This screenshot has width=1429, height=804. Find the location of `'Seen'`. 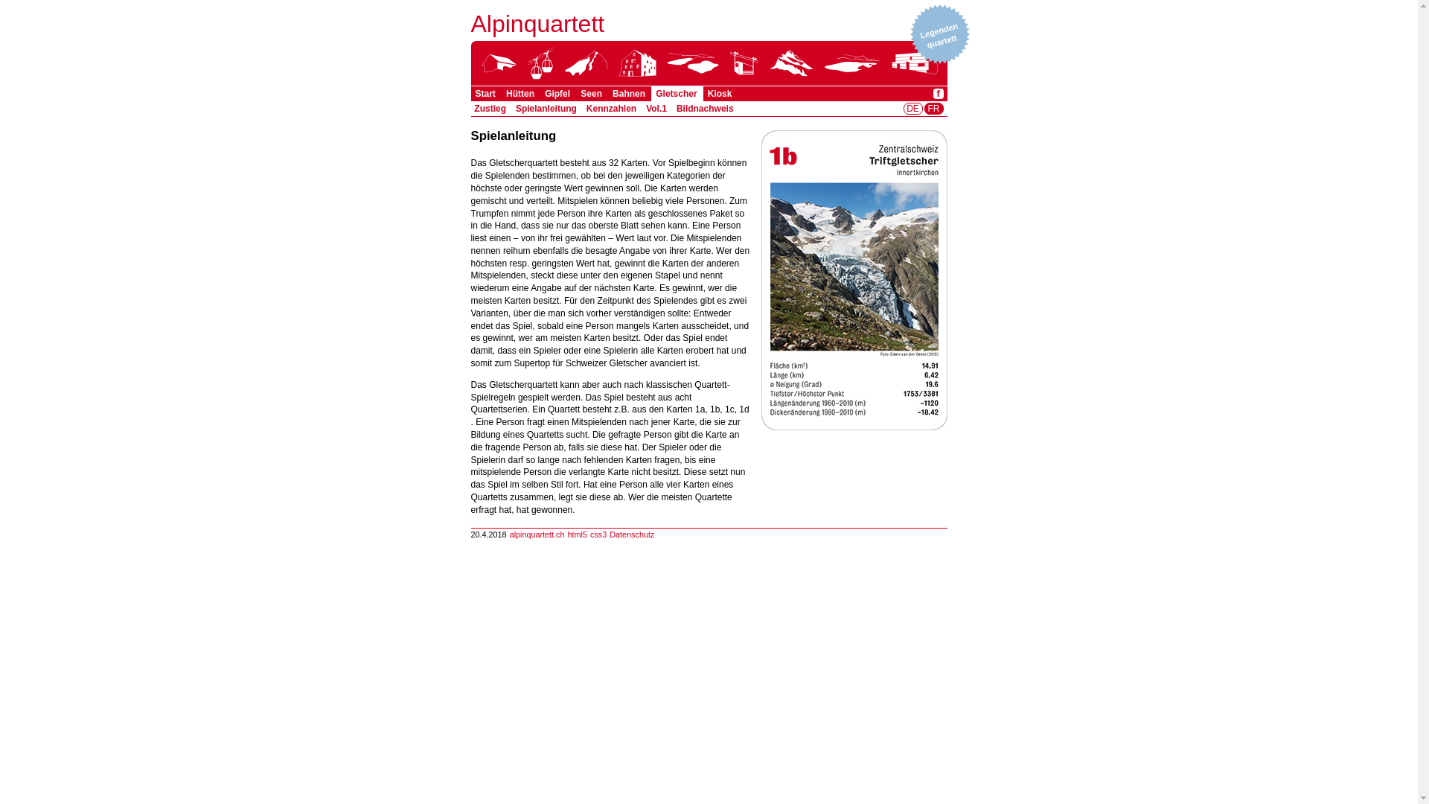

'Seen' is located at coordinates (579, 94).